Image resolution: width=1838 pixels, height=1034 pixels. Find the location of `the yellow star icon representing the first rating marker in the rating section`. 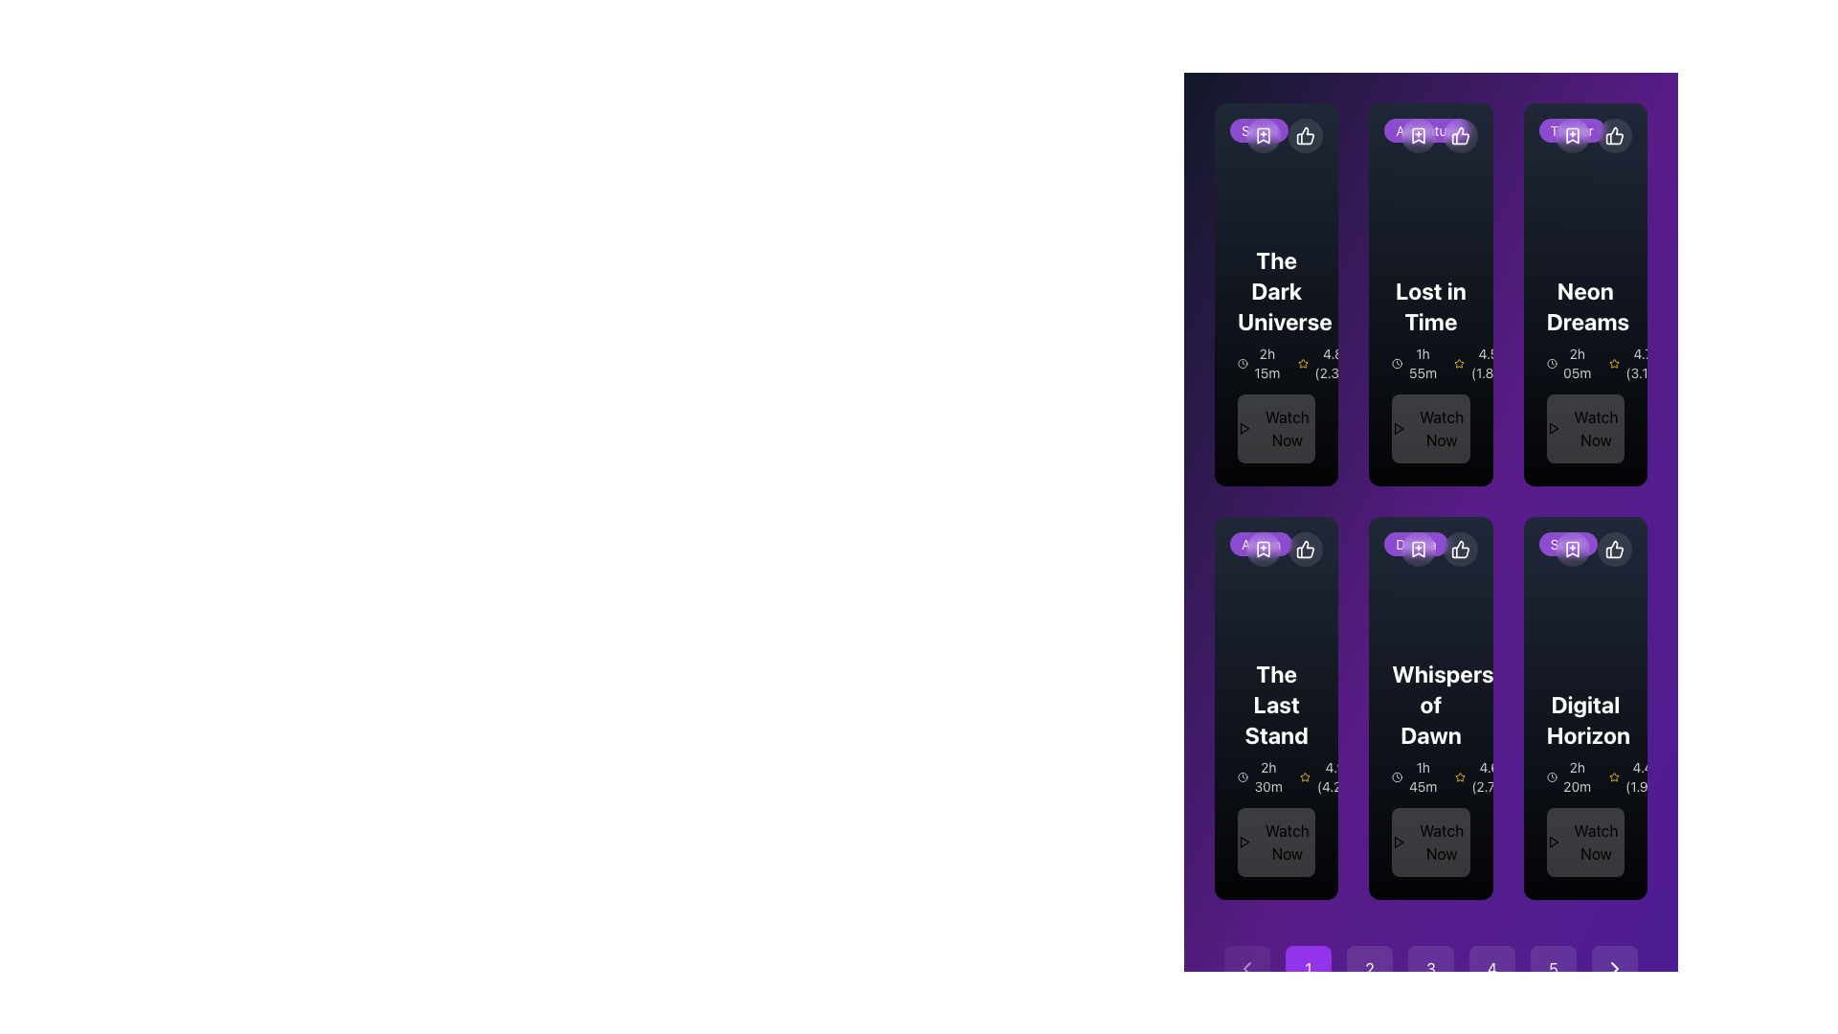

the yellow star icon representing the first rating marker in the rating section is located at coordinates (1304, 777).